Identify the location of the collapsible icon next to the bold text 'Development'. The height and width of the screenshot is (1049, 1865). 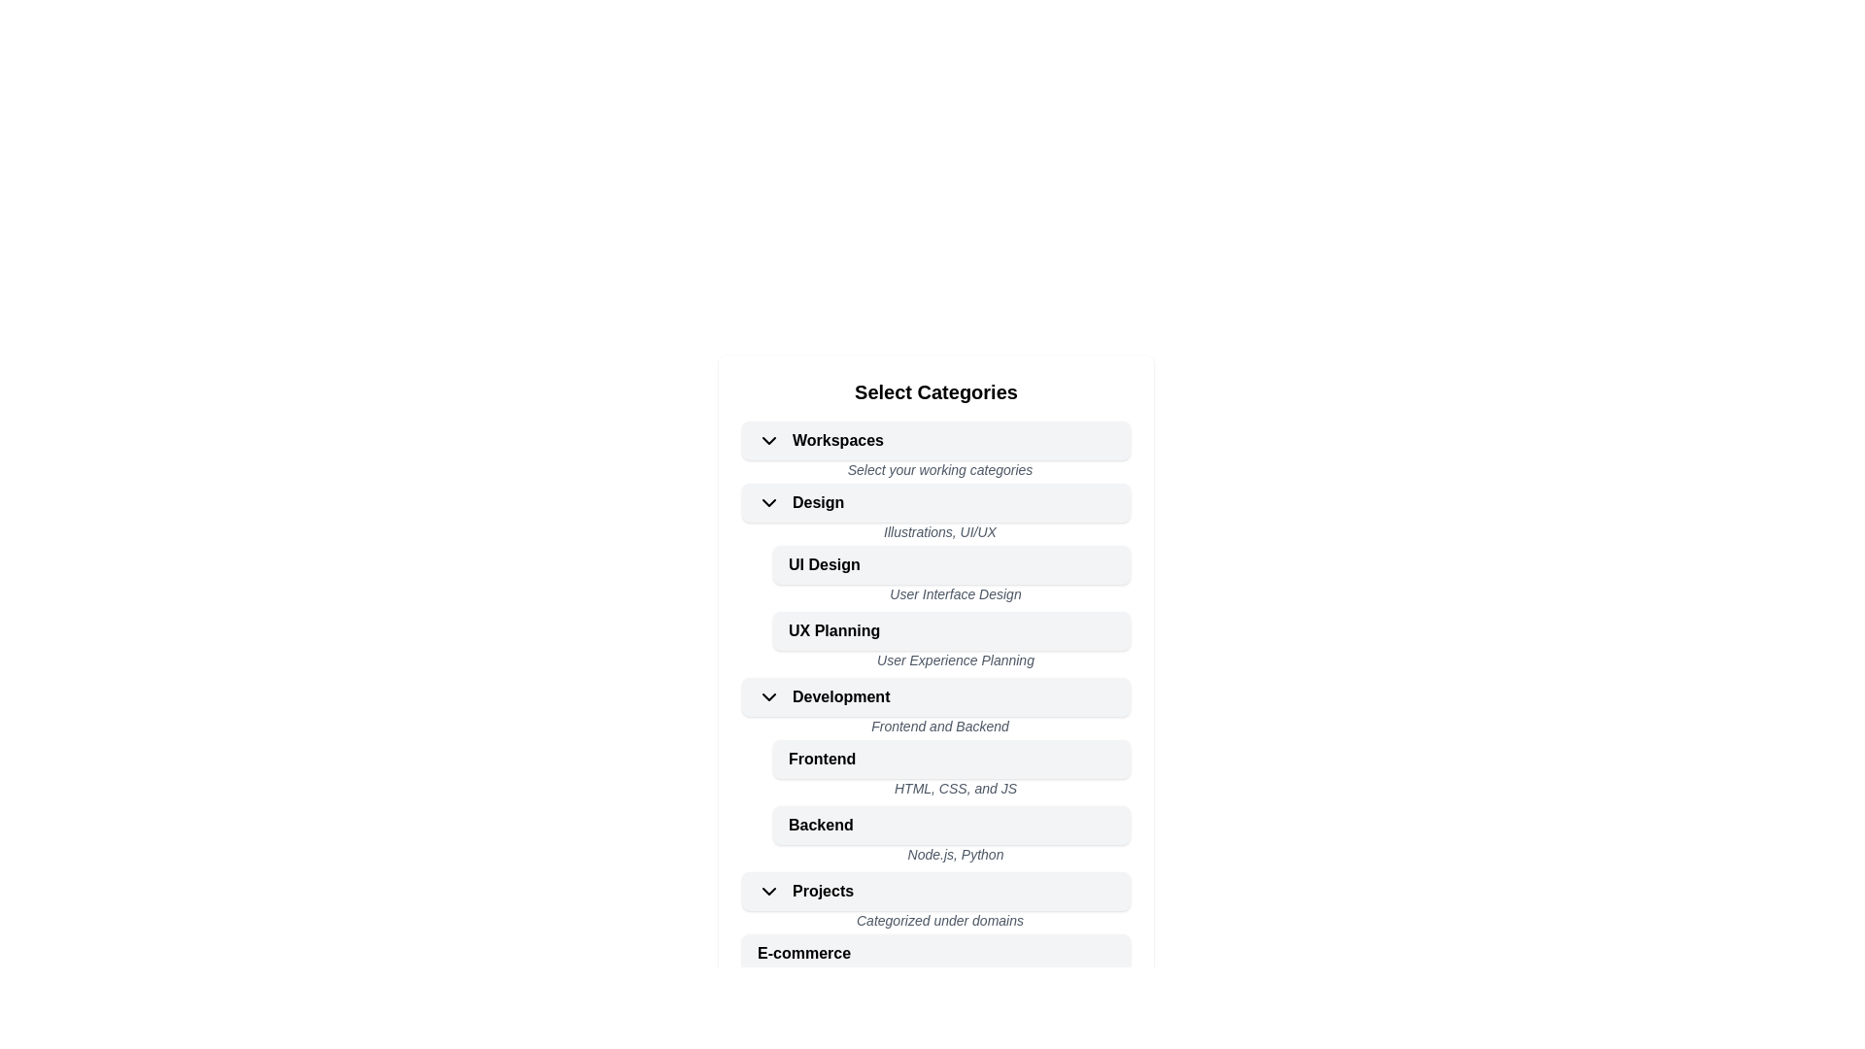
(773, 695).